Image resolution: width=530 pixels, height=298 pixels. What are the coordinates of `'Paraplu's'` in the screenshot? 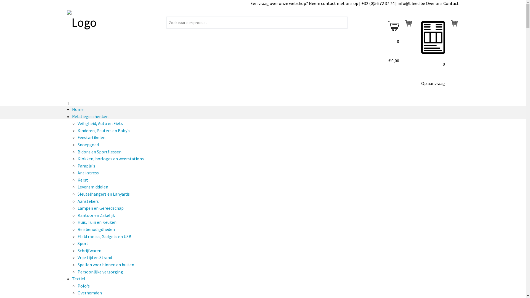 It's located at (86, 166).